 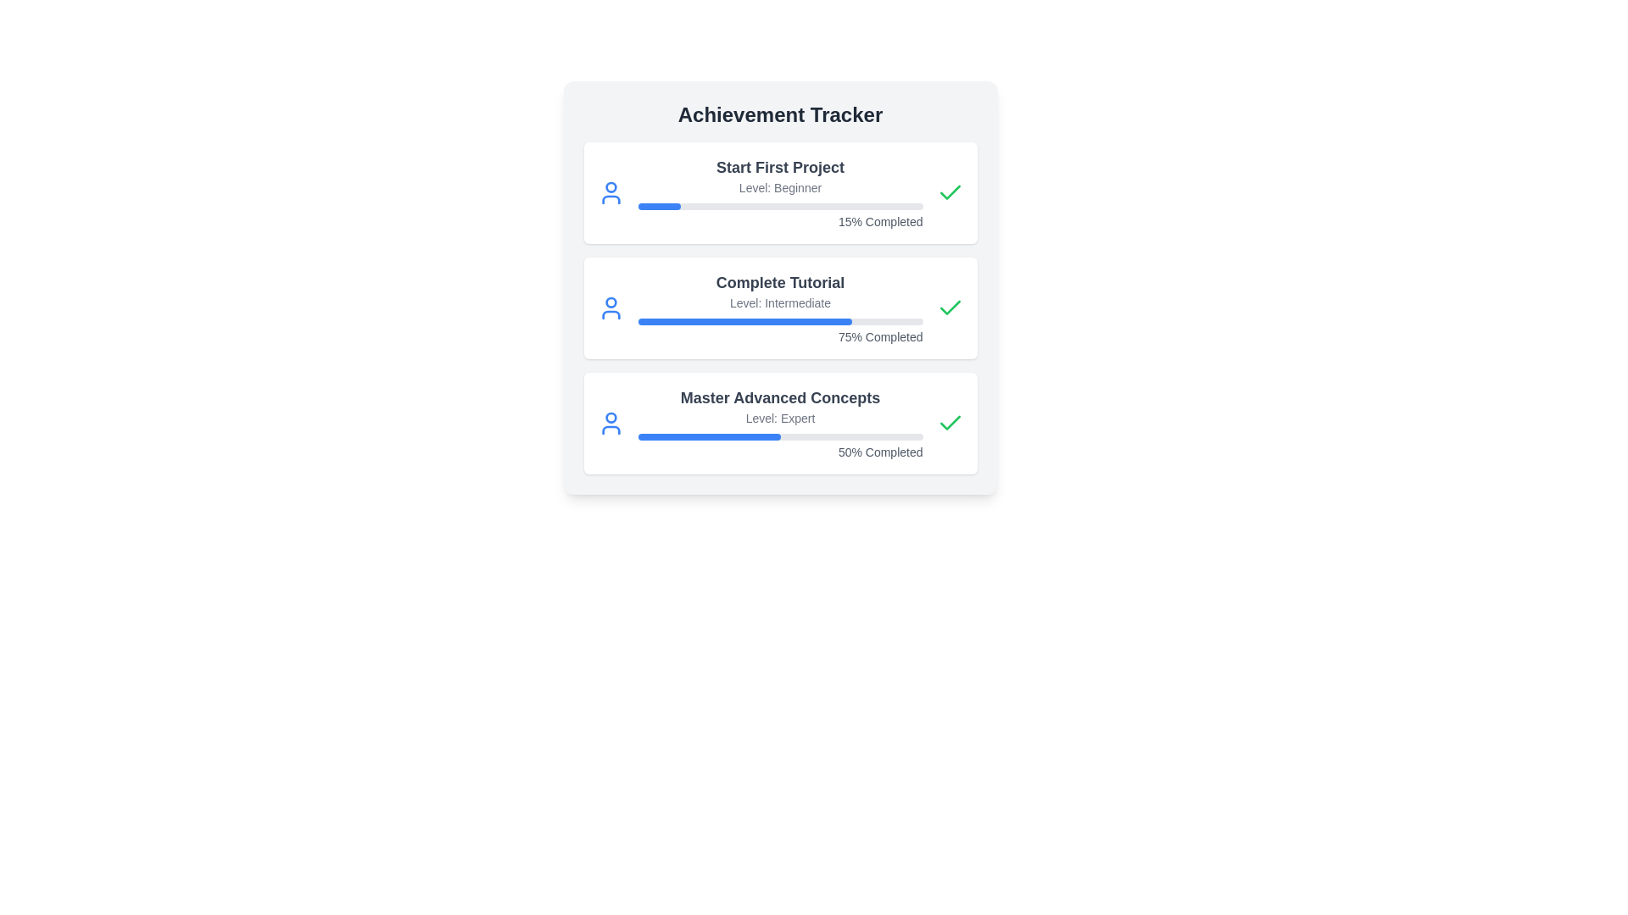 What do you see at coordinates (610, 302) in the screenshot?
I see `the blue circular graphic element representing the user's head in the user icon, located to the left of the 'Complete Tutorial' task in the achievement tracker interface` at bounding box center [610, 302].